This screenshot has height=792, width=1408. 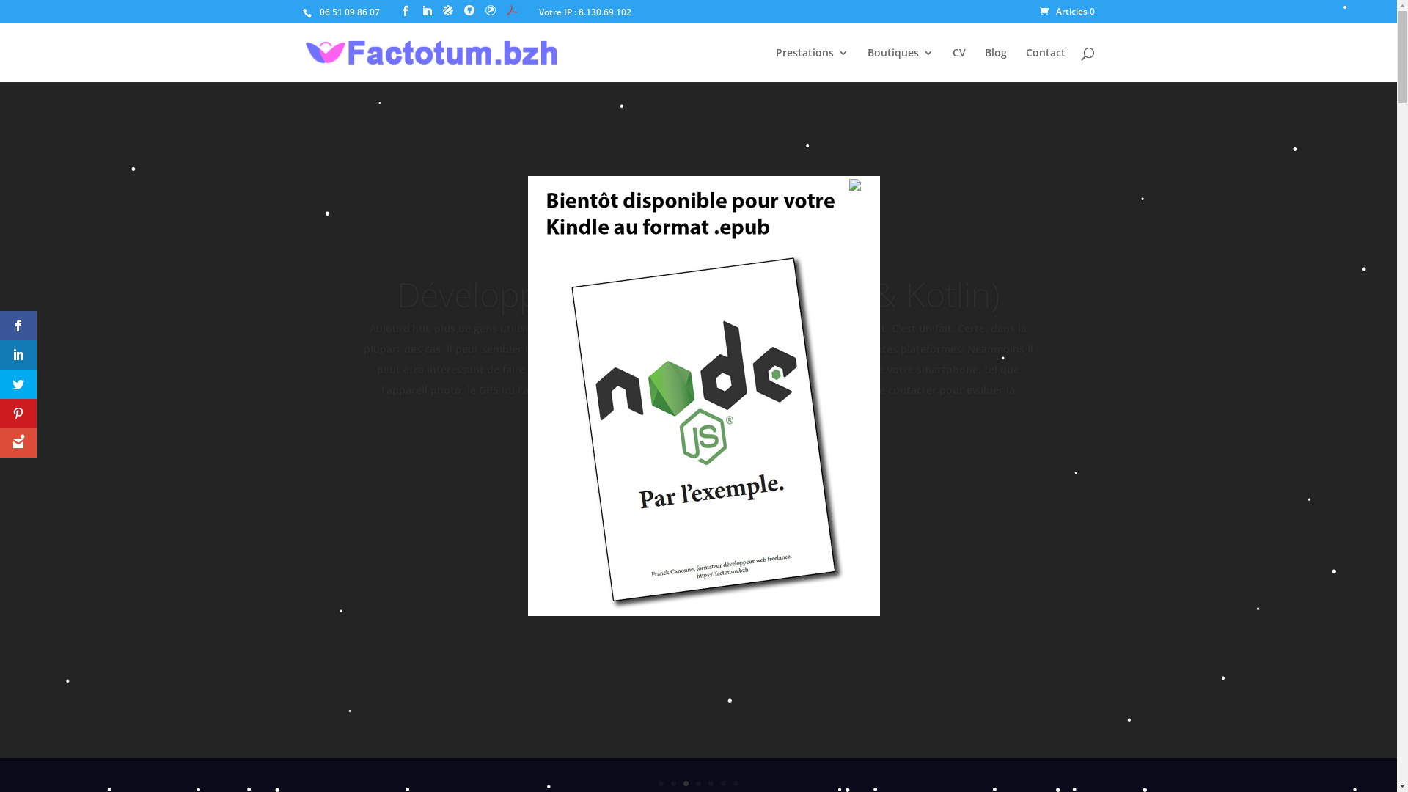 I want to click on 'Profil LinkedIn', so click(x=425, y=11).